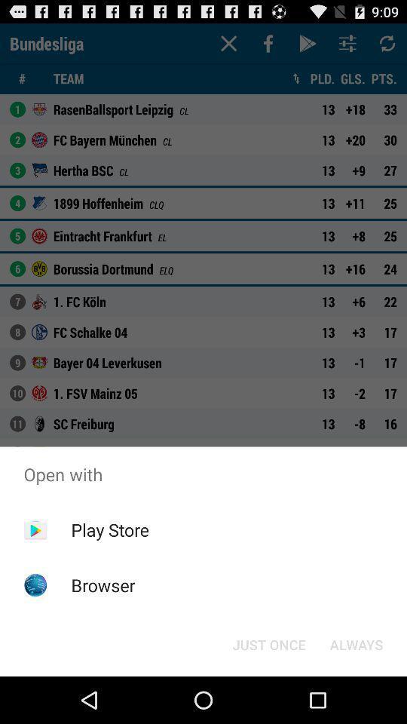 The image size is (407, 724). I want to click on item below the play store item, so click(103, 584).